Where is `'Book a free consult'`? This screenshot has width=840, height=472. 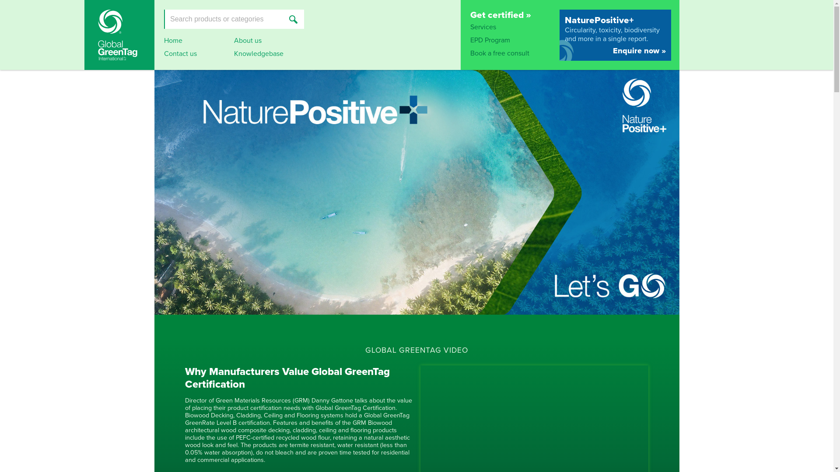 'Book a free consult' is located at coordinates (499, 53).